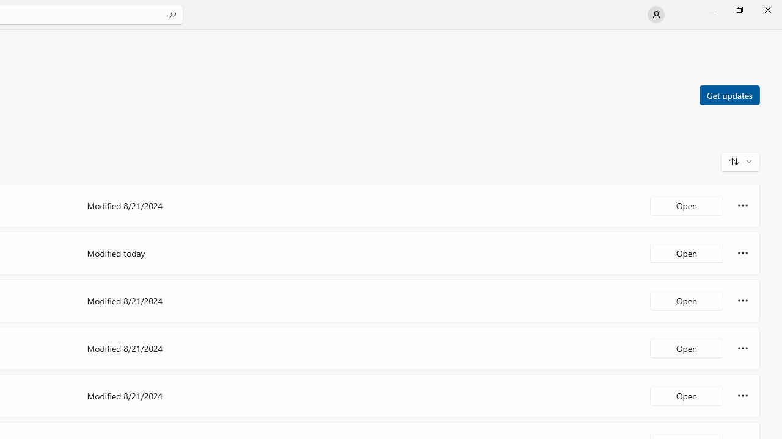  What do you see at coordinates (729, 94) in the screenshot?
I see `'Get updates'` at bounding box center [729, 94].